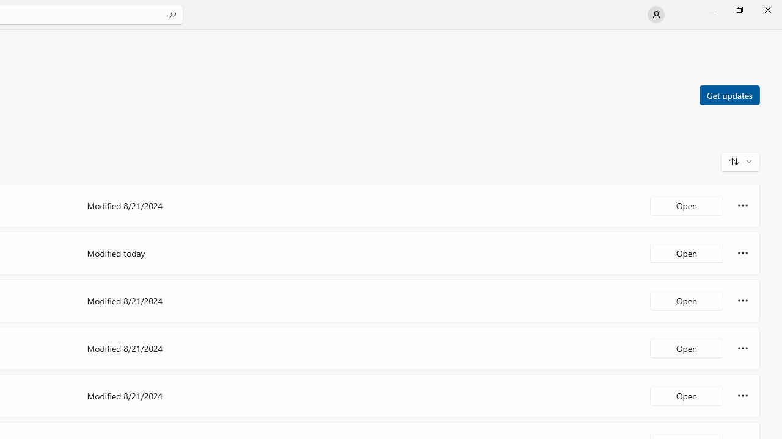  What do you see at coordinates (729, 94) in the screenshot?
I see `'Get updates'` at bounding box center [729, 94].